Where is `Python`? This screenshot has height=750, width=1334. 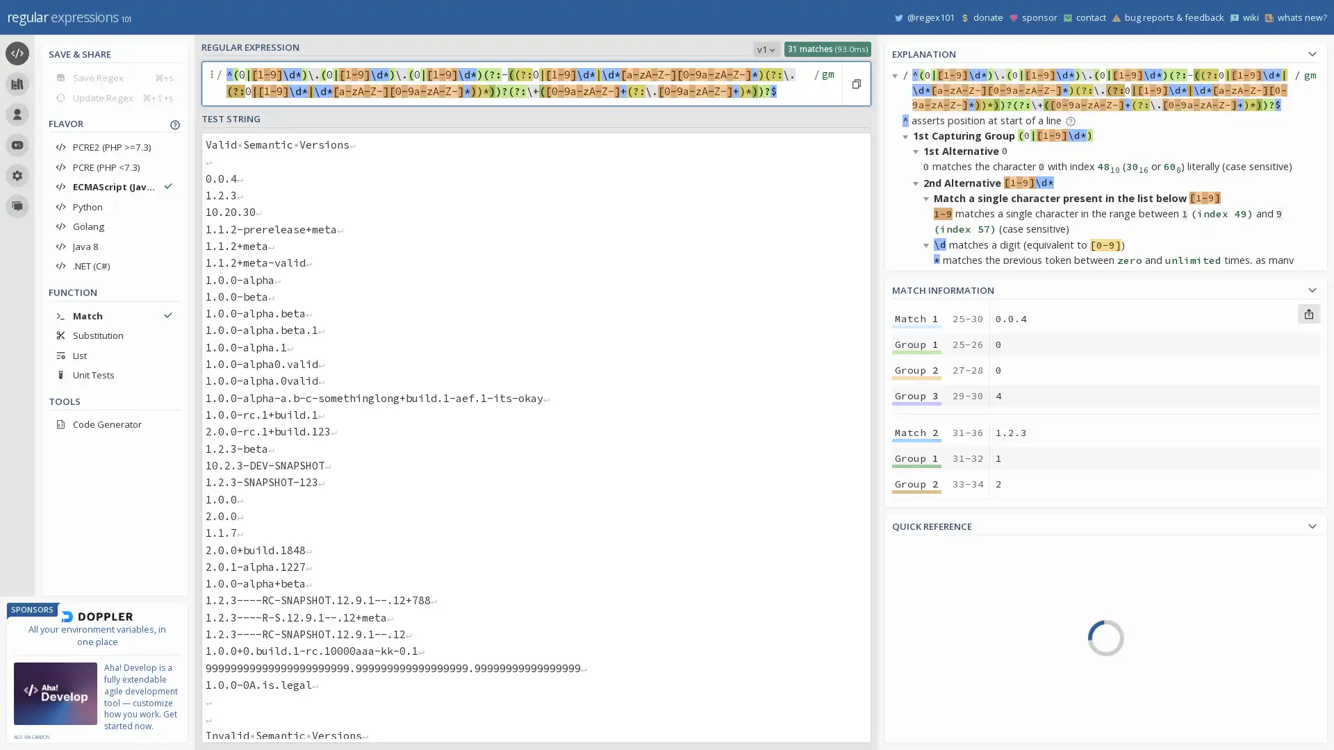
Python is located at coordinates (114, 206).